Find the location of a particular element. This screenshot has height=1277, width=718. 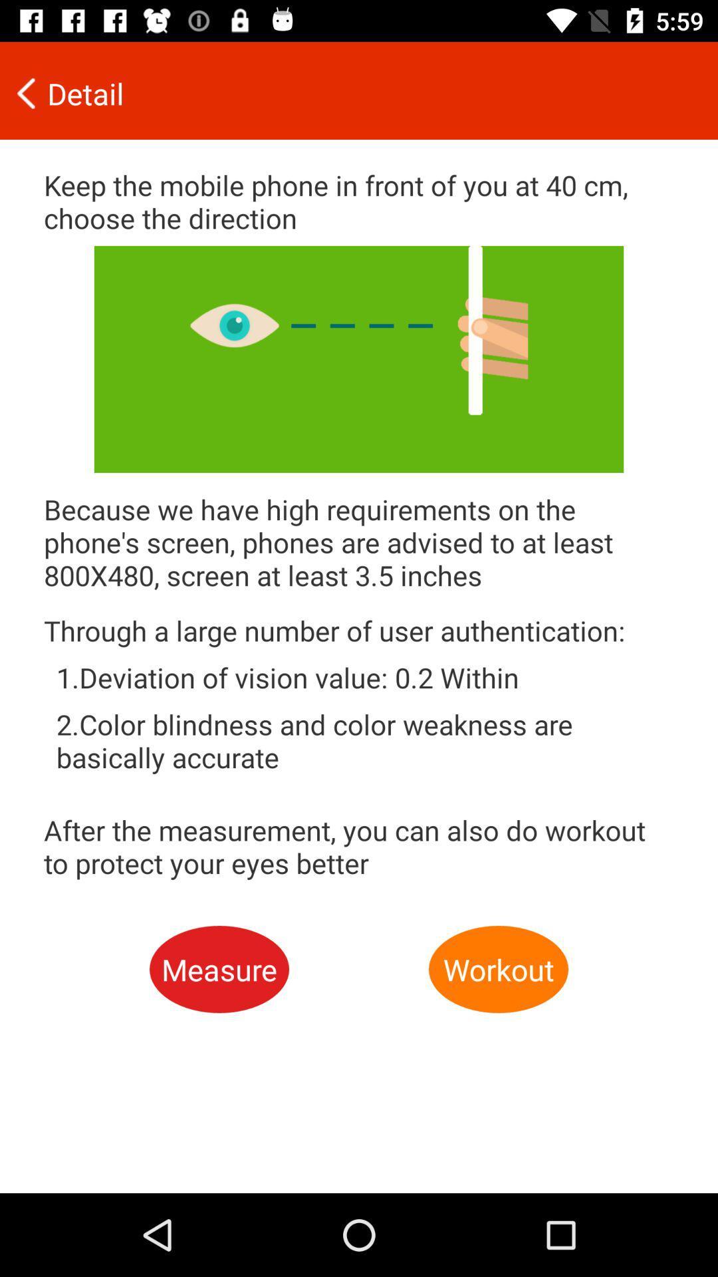

the icon next to workout item is located at coordinates (219, 969).